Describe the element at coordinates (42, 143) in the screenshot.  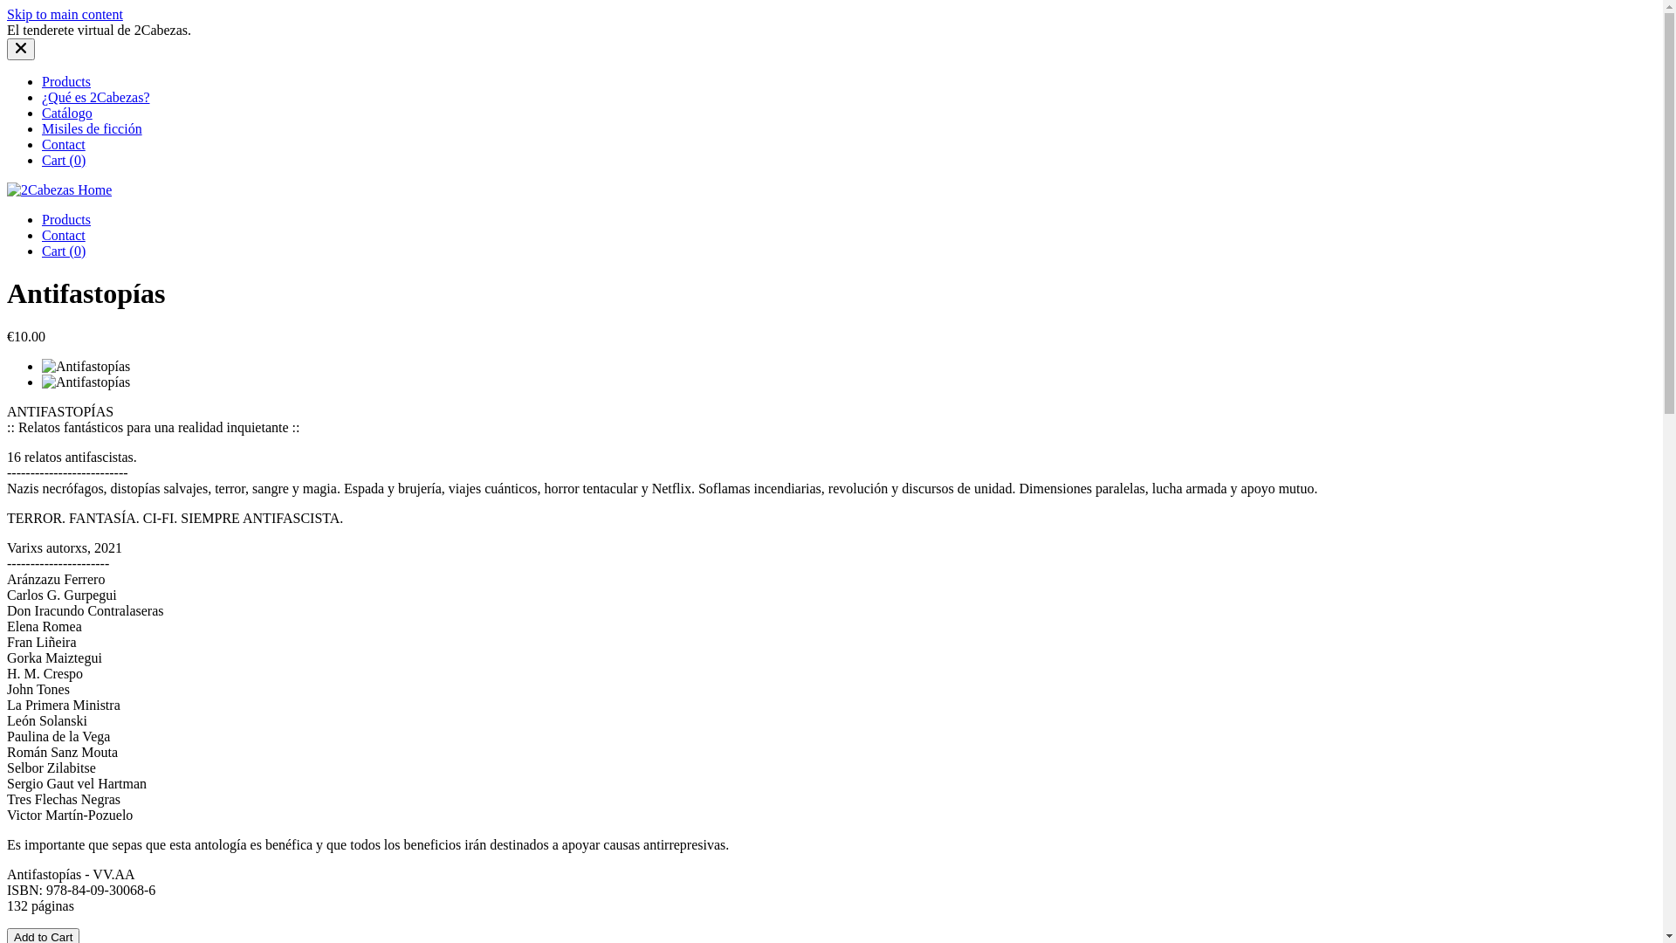
I see `'Contact'` at that location.